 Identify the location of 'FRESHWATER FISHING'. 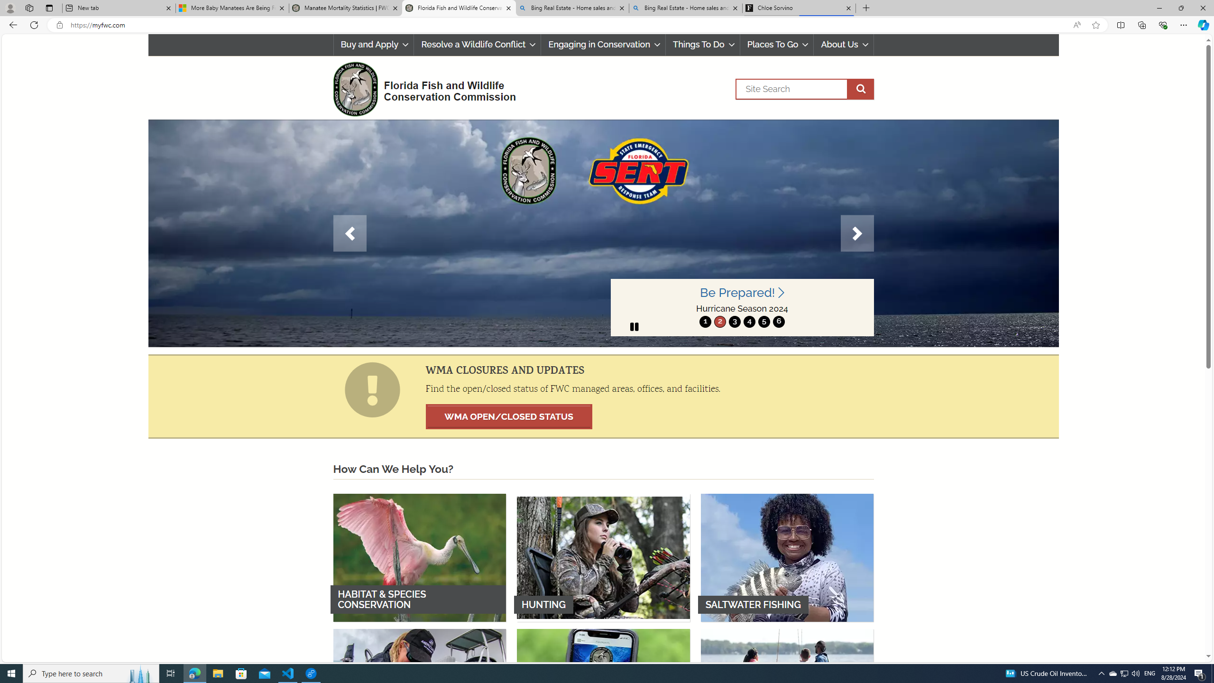
(419, 683).